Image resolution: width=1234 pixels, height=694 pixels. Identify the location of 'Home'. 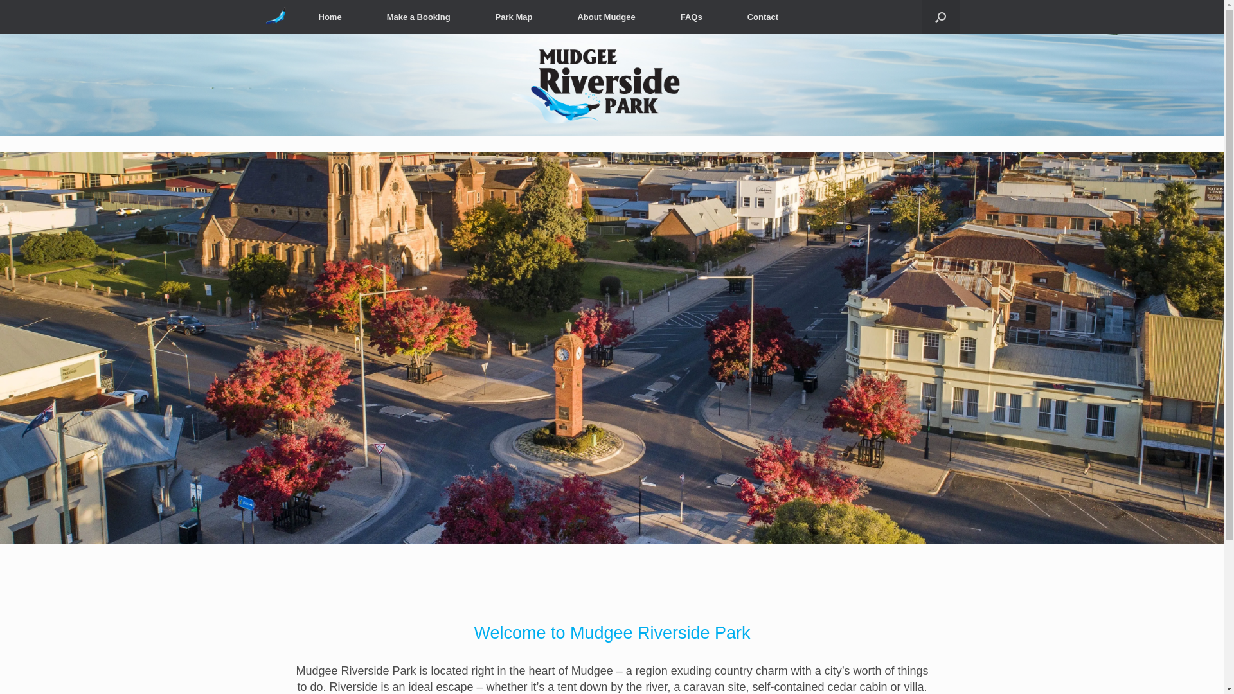
(330, 17).